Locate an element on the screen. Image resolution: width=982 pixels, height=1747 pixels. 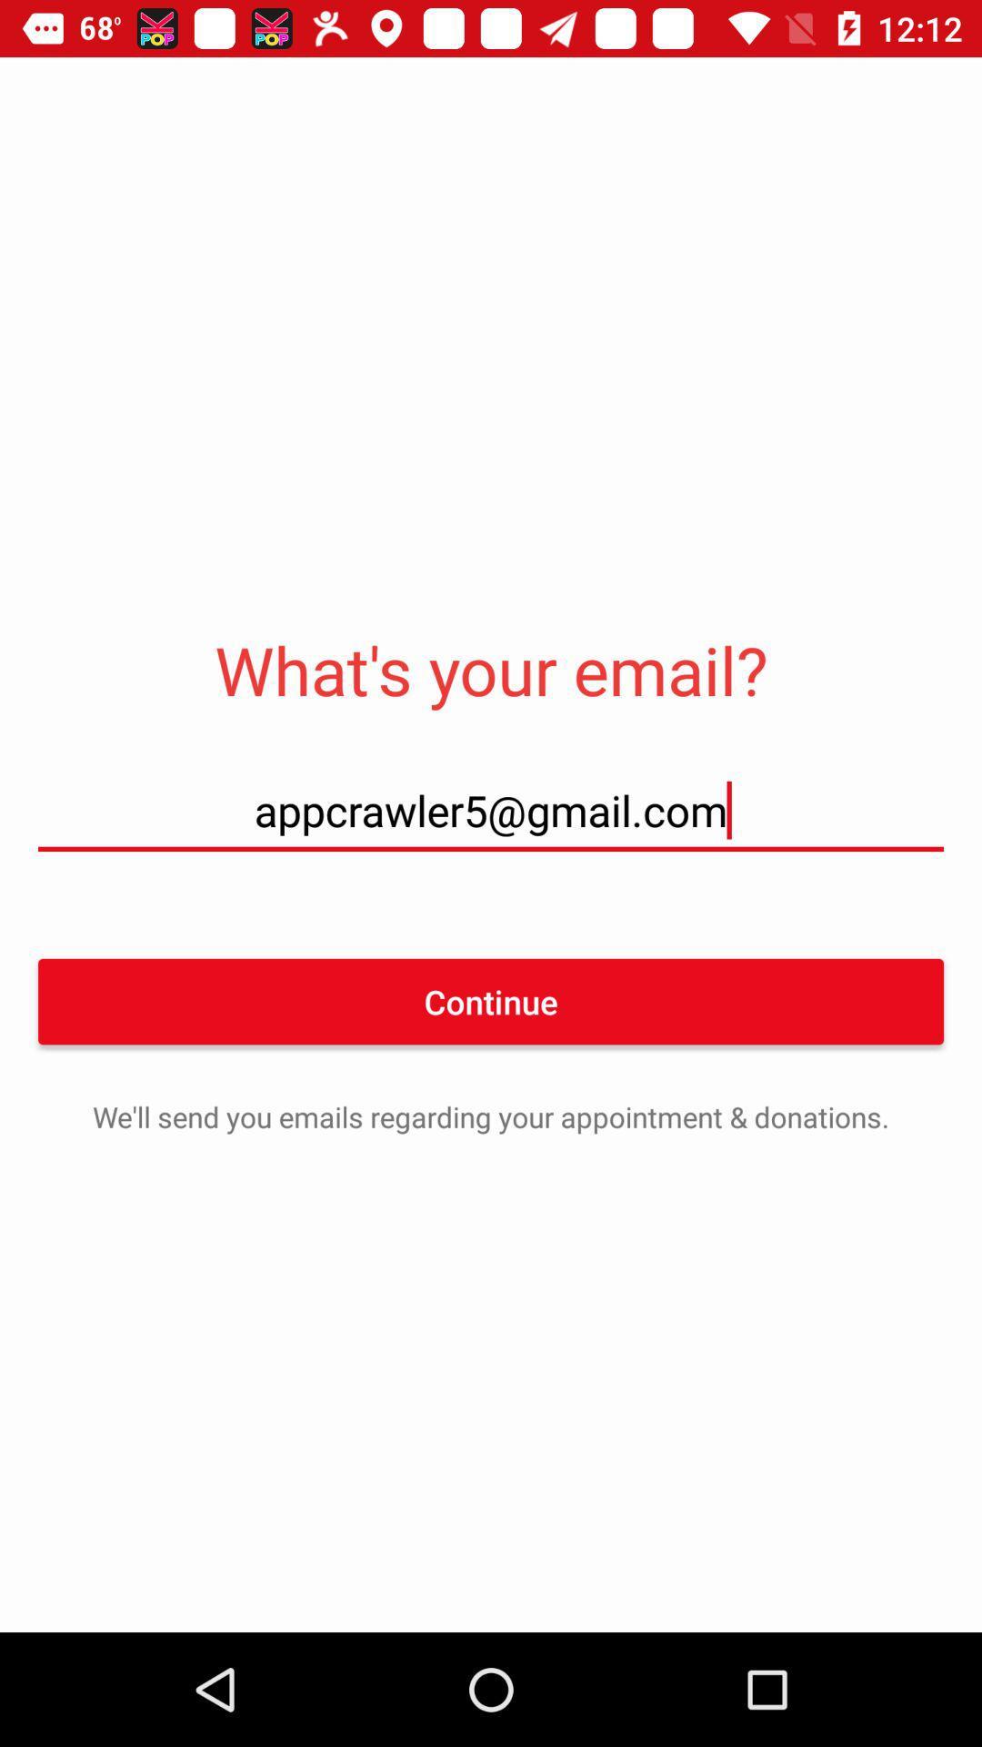
icon above continue icon is located at coordinates (491, 809).